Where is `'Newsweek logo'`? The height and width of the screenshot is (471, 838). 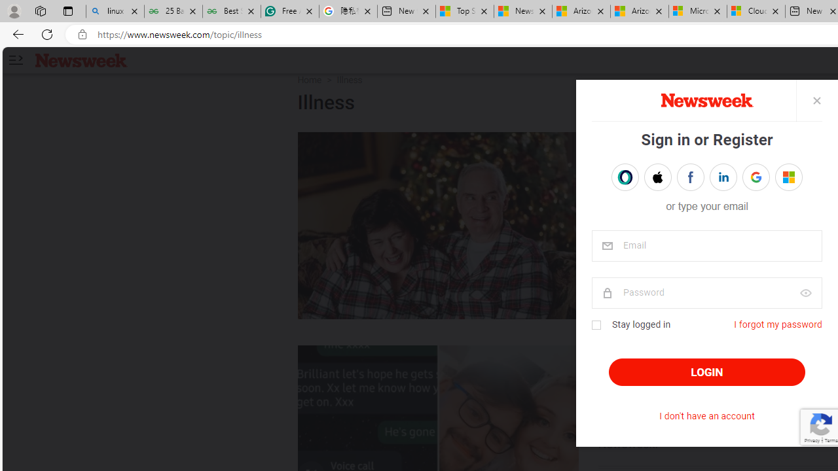 'Newsweek logo' is located at coordinates (81, 60).